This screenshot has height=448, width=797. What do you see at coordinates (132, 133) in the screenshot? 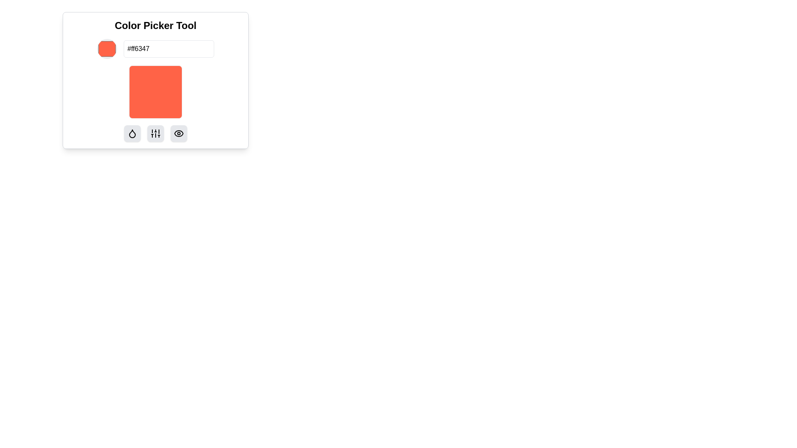
I see `the first button in the series of three color dropper buttons located below the color display box` at bounding box center [132, 133].